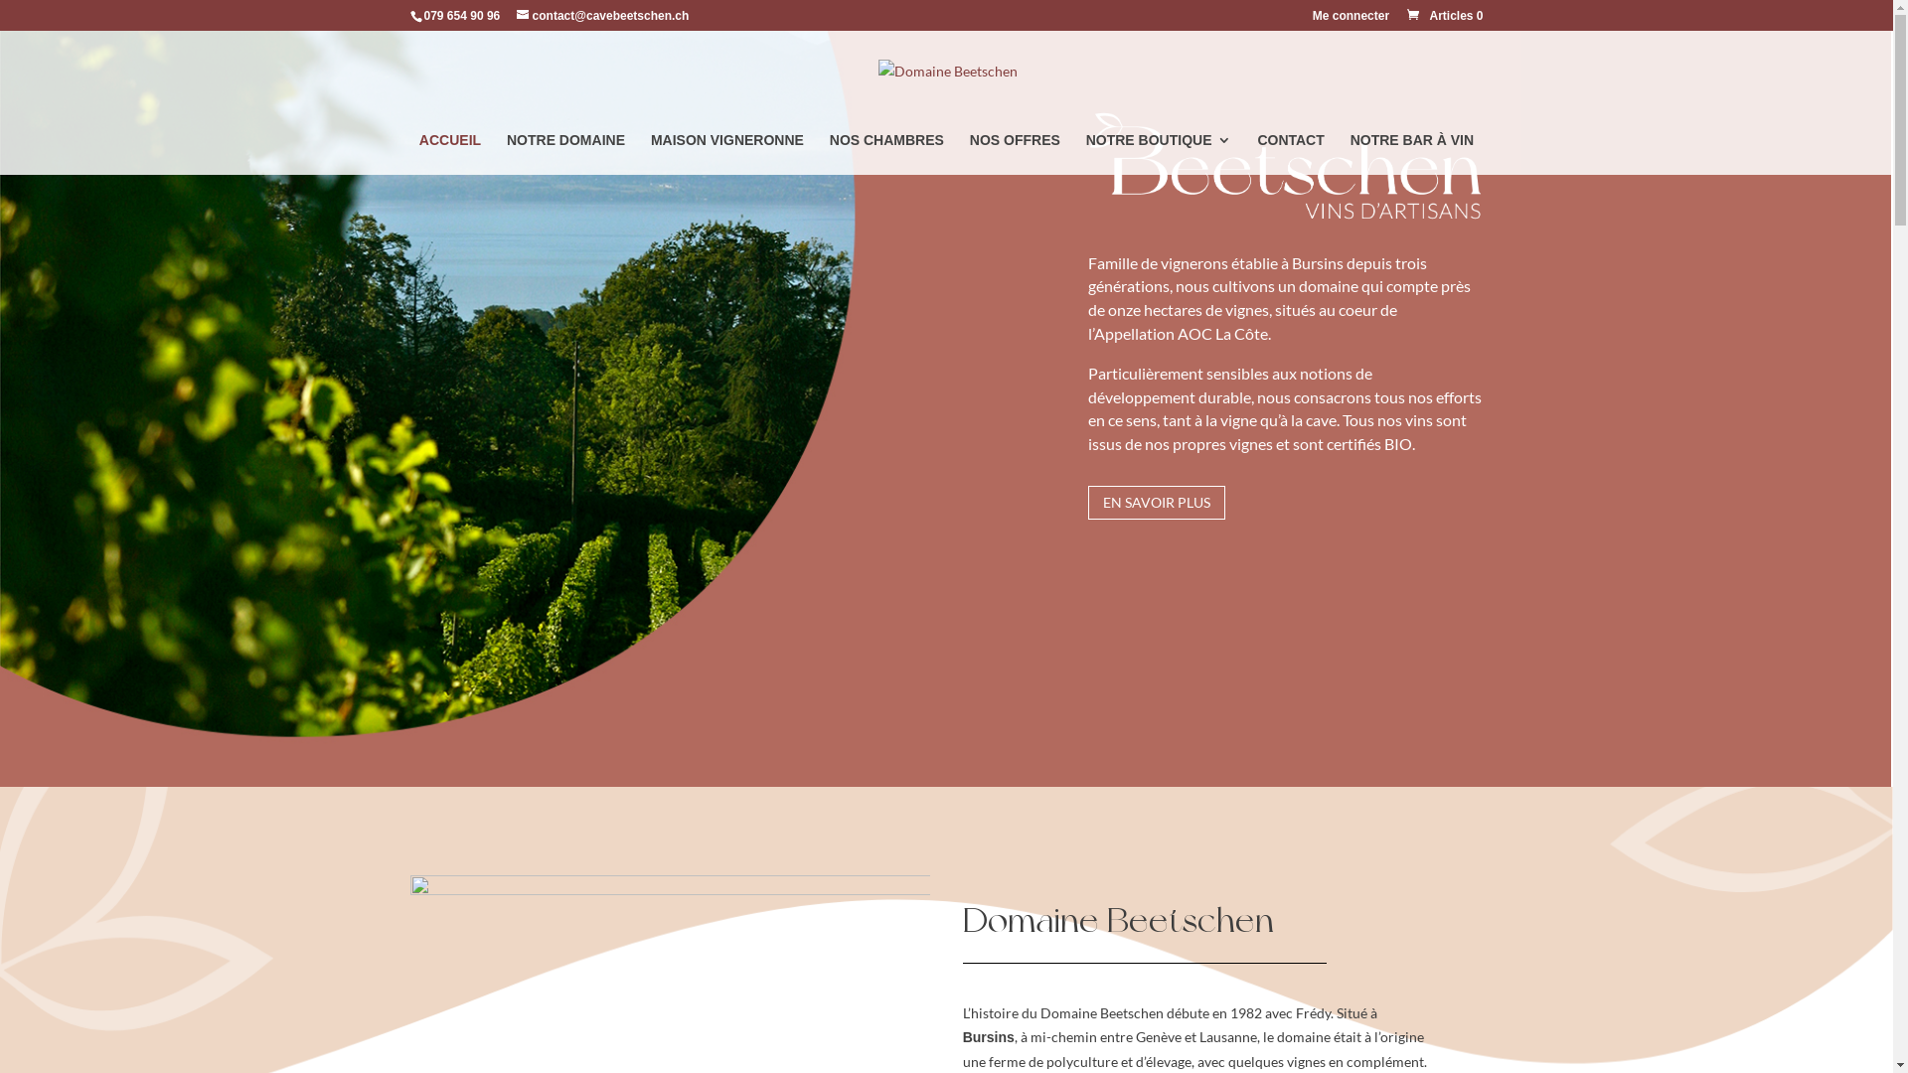 The image size is (1908, 1073). What do you see at coordinates (460, 15) in the screenshot?
I see `'079 654 90 96'` at bounding box center [460, 15].